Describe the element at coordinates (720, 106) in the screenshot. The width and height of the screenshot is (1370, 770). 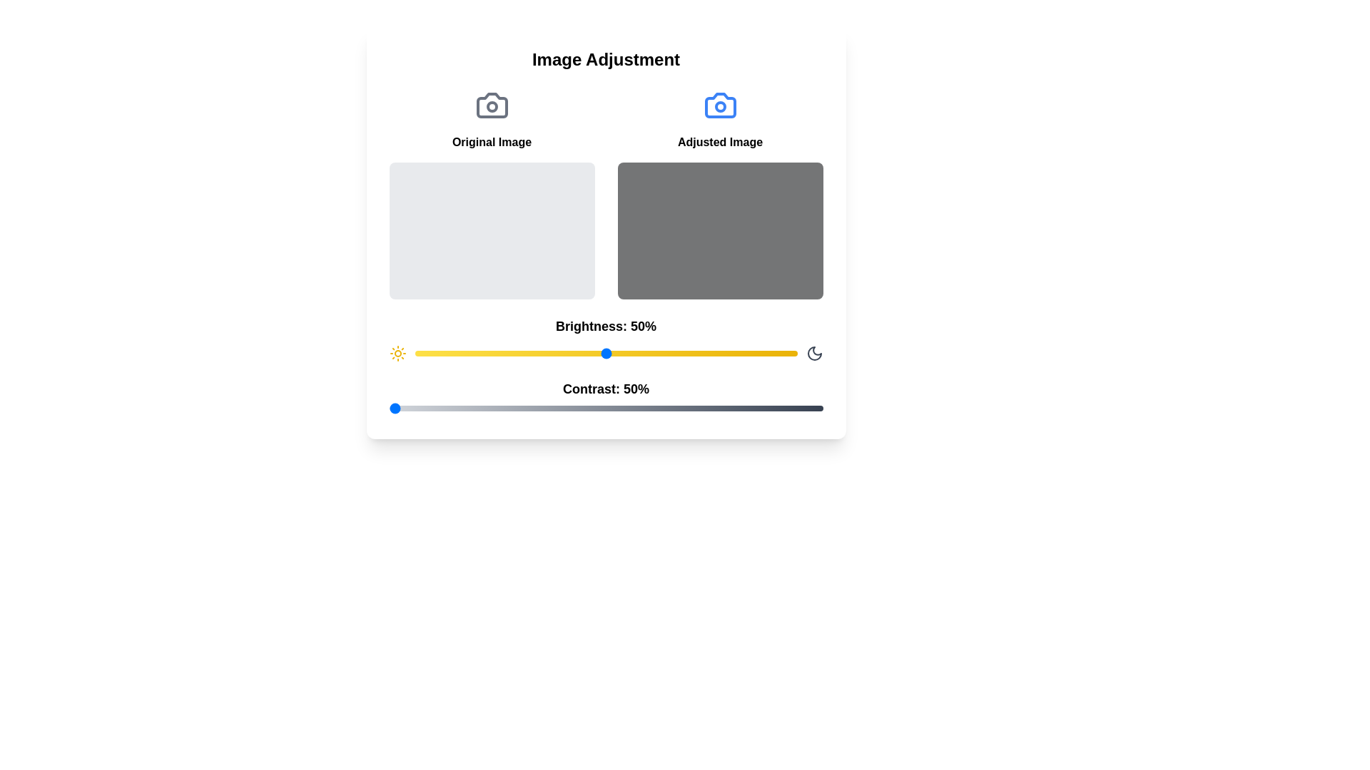
I see `the graphical circle representing the lens of the camera icon located at the top right of the layout, above the 'Adjusted Image' label` at that location.